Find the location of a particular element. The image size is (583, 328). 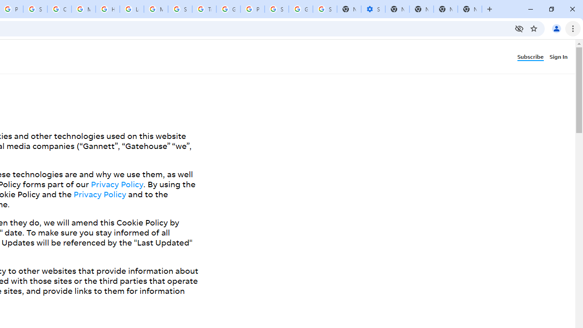

'Subscribe' is located at coordinates (532, 56).